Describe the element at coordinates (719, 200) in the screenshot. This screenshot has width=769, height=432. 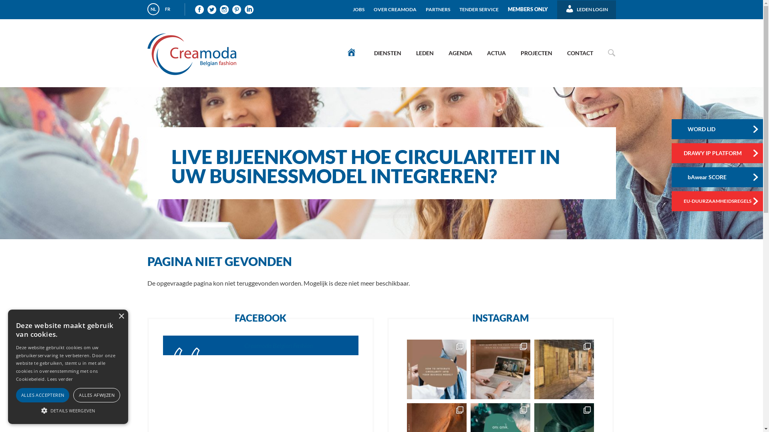
I see `'EU-DUURZAAMHEIDSREGELS'` at that location.